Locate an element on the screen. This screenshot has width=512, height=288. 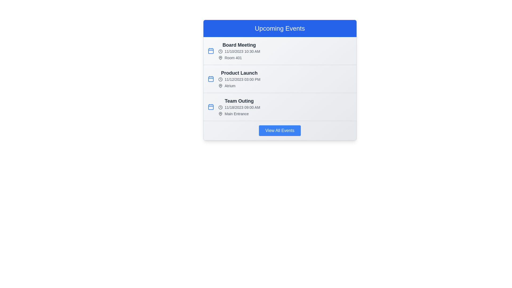
the pin-like icon located in the 'Product Launch' section adjacent to the text 'Atrium' is located at coordinates (220, 85).